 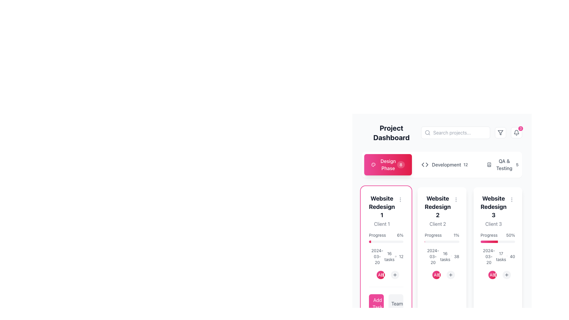 What do you see at coordinates (400, 235) in the screenshot?
I see `the text display showing '6%' next to the label 'Progress' in the 'Website Redesign 1' card` at bounding box center [400, 235].